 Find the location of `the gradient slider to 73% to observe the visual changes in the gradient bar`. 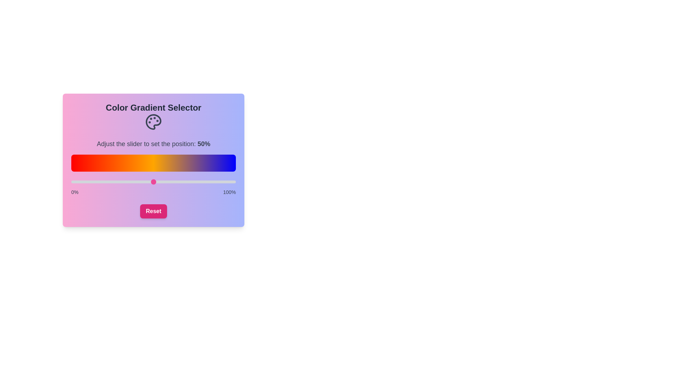

the gradient slider to 73% to observe the visual changes in the gradient bar is located at coordinates (191, 182).